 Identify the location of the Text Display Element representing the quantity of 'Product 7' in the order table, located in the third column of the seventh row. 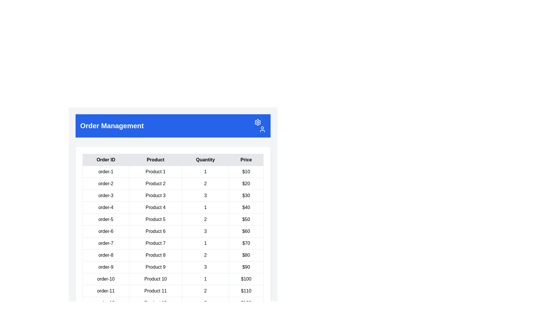
(205, 243).